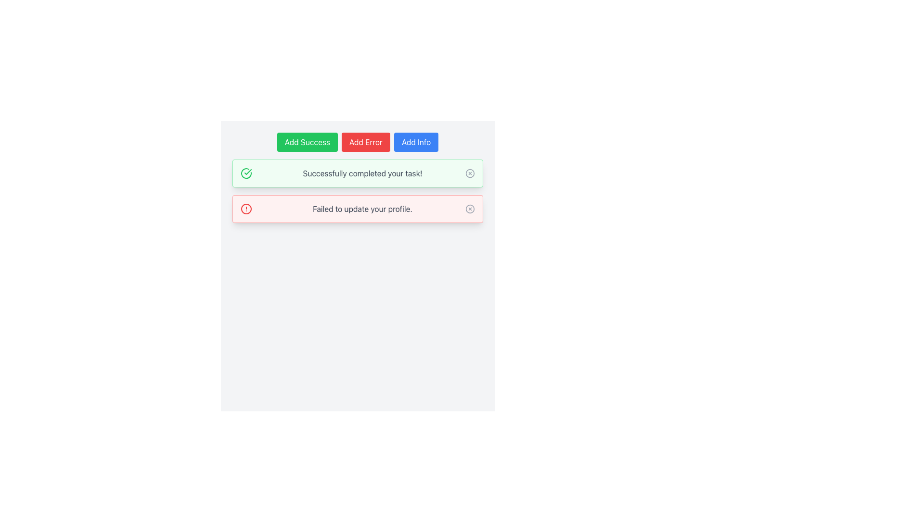  Describe the element at coordinates (470, 209) in the screenshot. I see `the Dismiss Button (Icon) featuring a circular design with a gray 'X' mark, located at the far right of the notification panel for the message 'Failed to update your profile.'` at that location.